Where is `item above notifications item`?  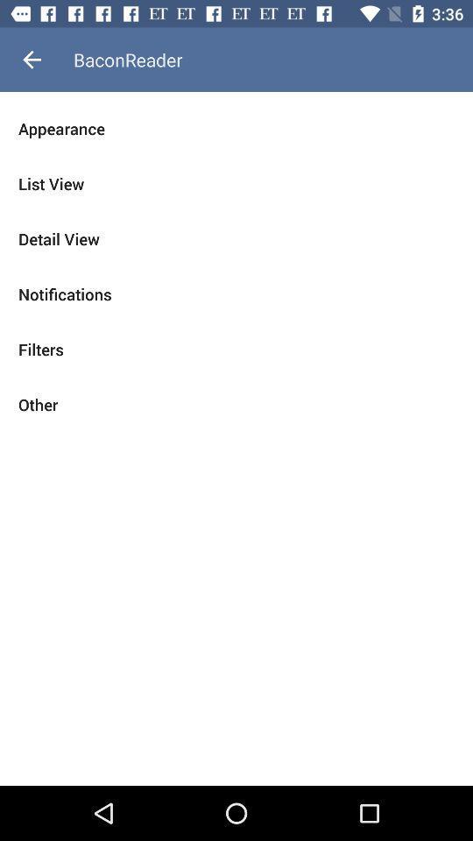
item above notifications item is located at coordinates (236, 238).